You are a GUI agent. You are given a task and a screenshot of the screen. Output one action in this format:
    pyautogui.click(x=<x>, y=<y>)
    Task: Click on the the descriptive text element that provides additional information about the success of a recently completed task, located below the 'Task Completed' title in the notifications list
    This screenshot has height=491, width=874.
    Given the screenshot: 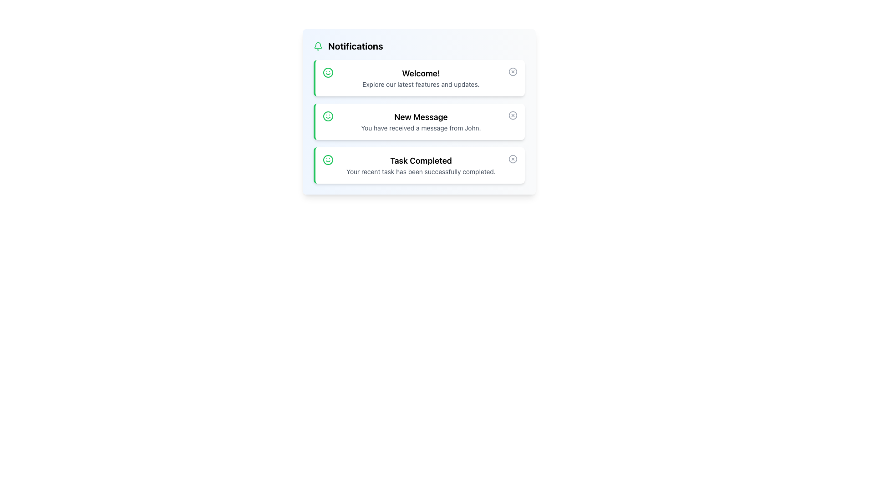 What is the action you would take?
    pyautogui.click(x=421, y=172)
    